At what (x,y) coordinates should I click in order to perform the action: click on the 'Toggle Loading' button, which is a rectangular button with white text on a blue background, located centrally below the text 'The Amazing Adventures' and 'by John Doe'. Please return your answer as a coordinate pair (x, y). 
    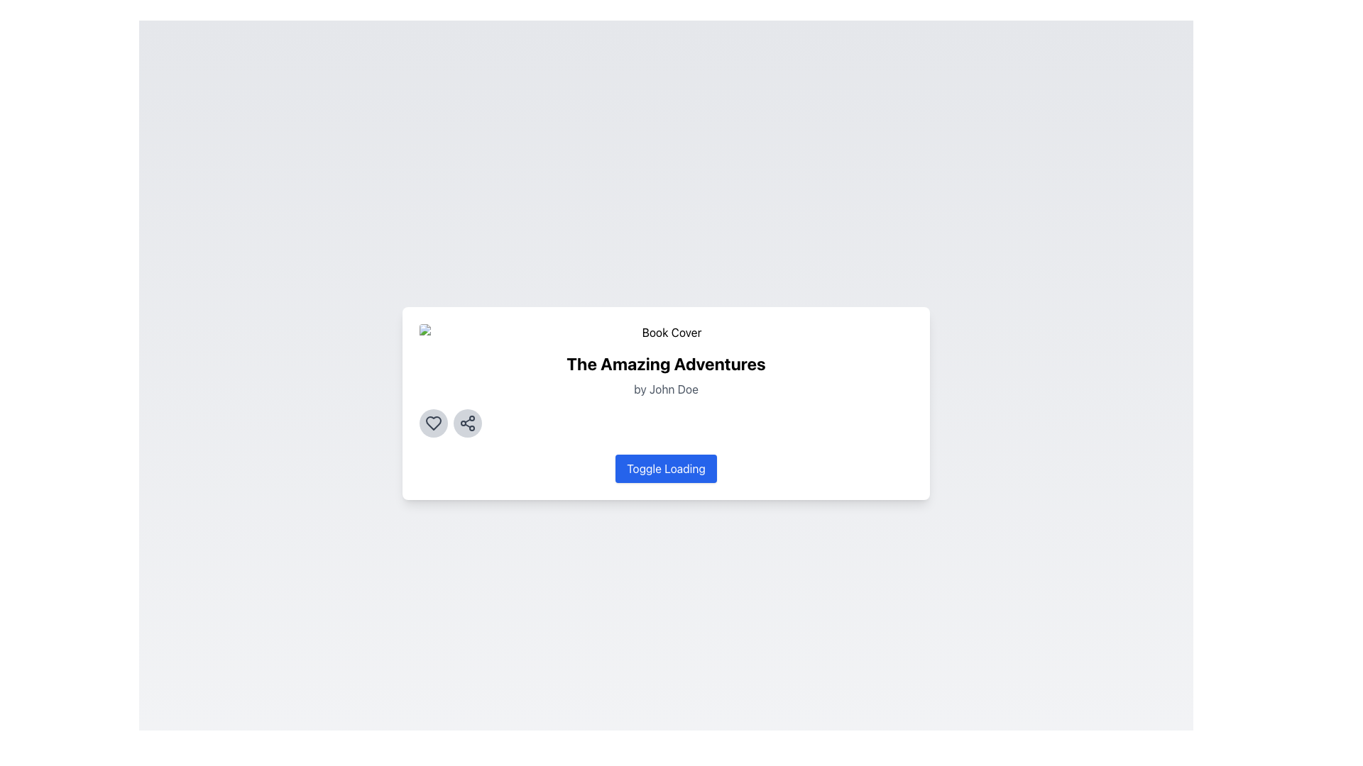
    Looking at the image, I should click on (665, 468).